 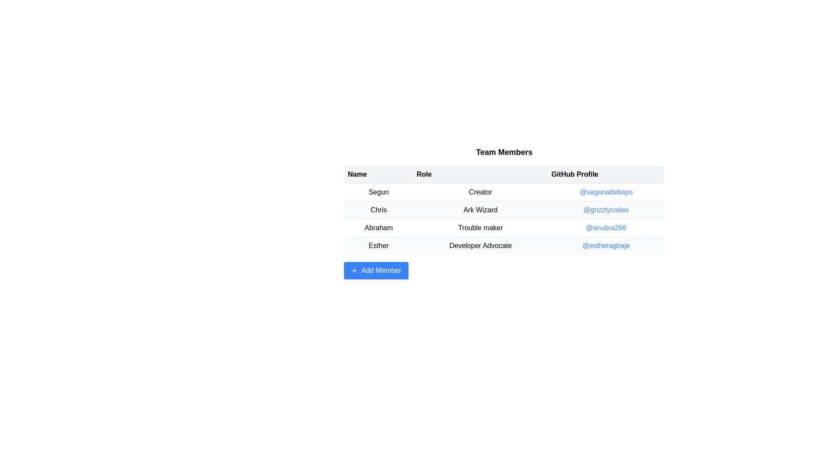 What do you see at coordinates (606, 245) in the screenshot?
I see `the hyperlink text '@estheragbaje' located` at bounding box center [606, 245].